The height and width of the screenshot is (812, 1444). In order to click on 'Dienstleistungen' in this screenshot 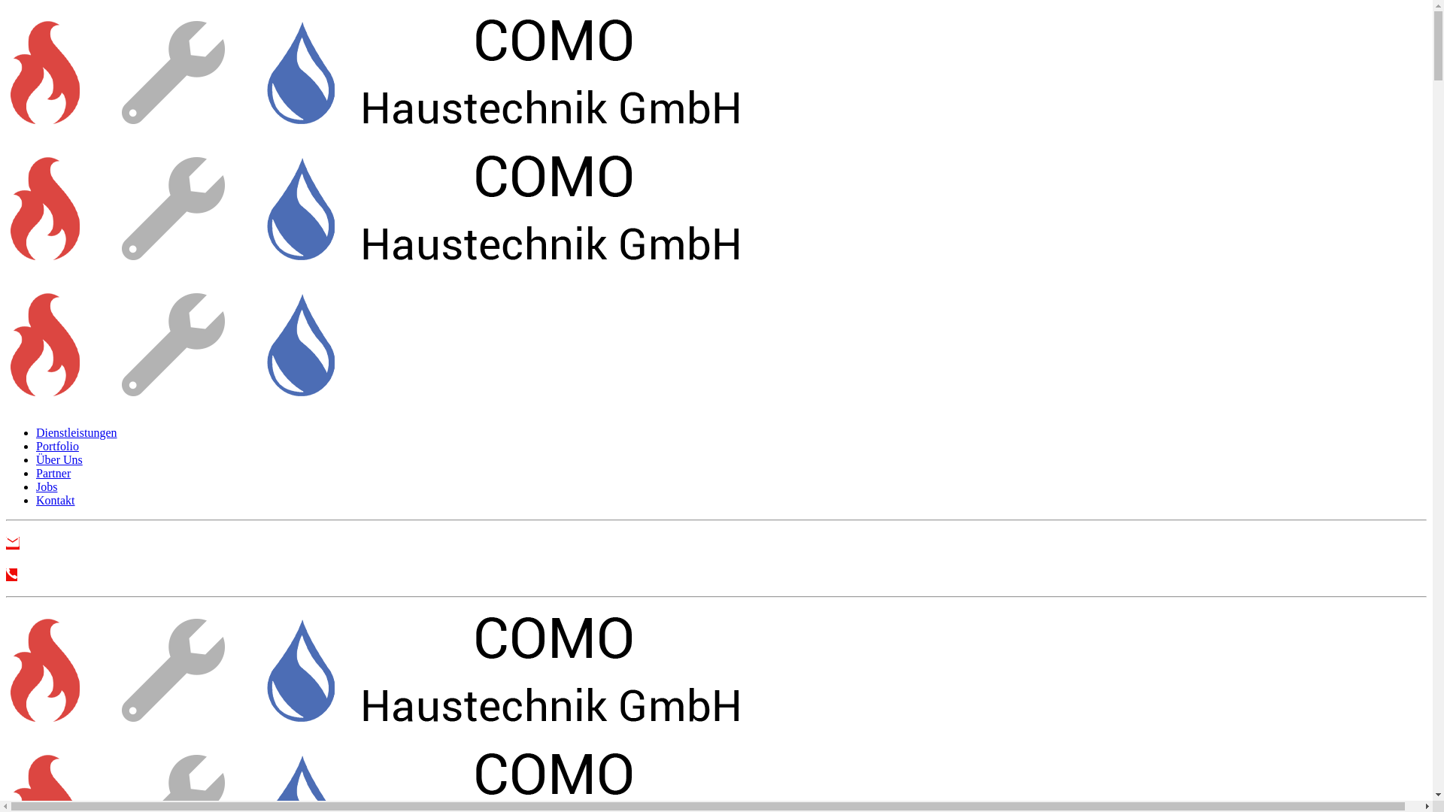, I will do `click(75, 432)`.